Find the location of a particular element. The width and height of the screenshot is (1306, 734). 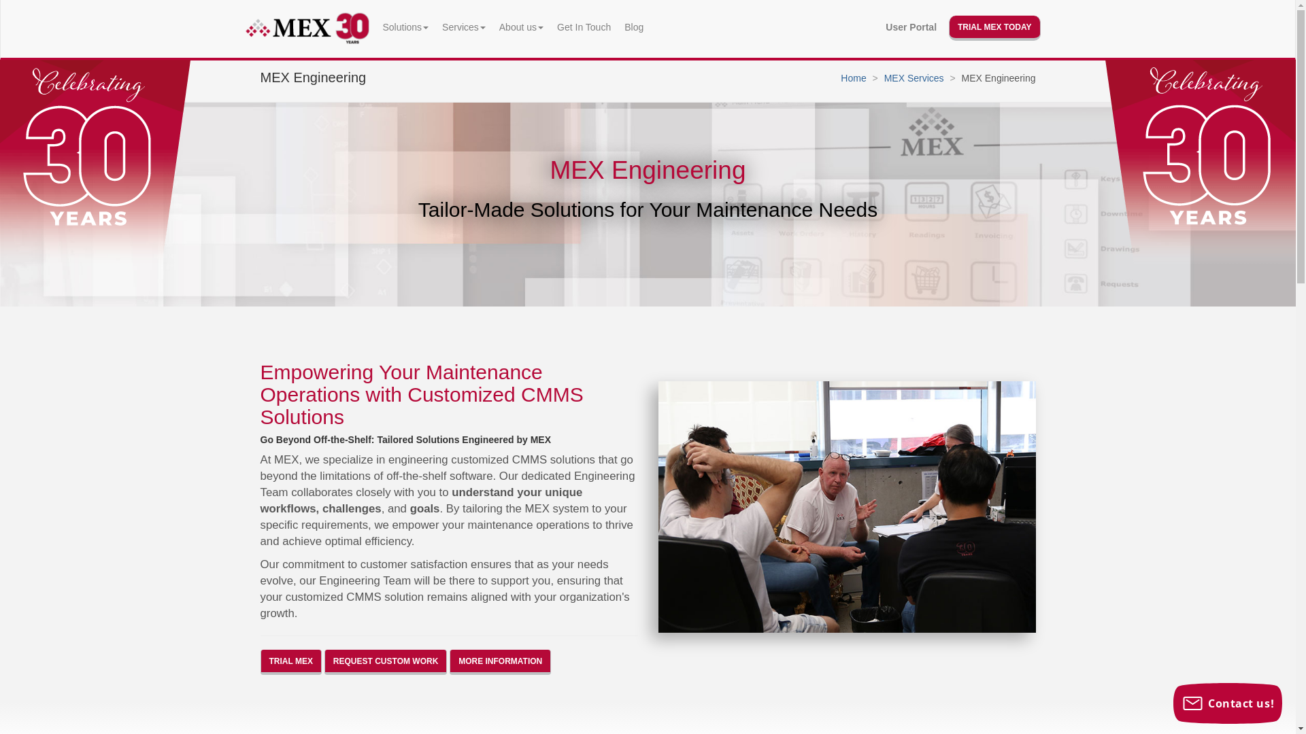

'TRIAL MEX TODAY' is located at coordinates (948, 28).